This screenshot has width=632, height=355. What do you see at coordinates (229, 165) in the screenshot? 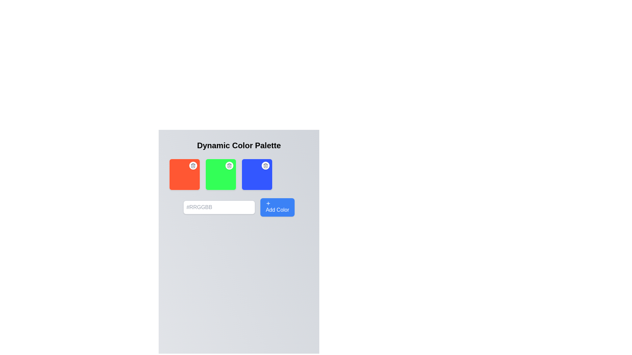
I see `the trash bin icon button located at the top right corner of the green square box in the middle row of color blocks` at bounding box center [229, 165].